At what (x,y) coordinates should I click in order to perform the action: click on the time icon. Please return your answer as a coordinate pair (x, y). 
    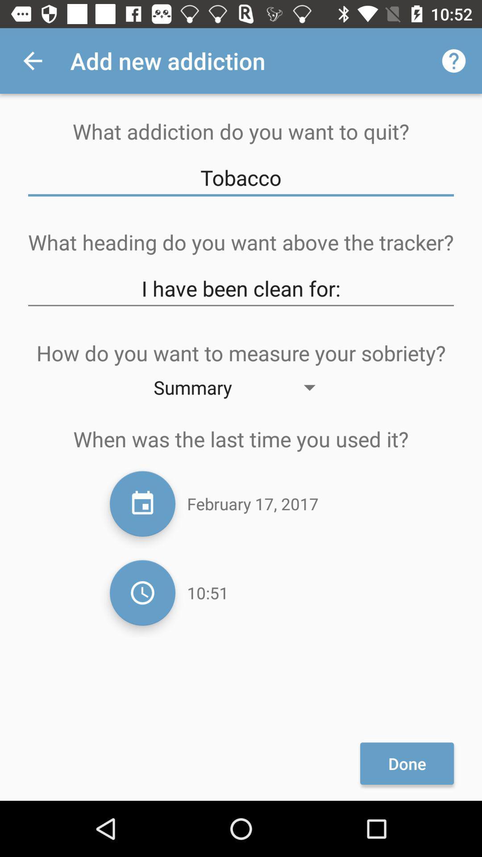
    Looking at the image, I should click on (142, 593).